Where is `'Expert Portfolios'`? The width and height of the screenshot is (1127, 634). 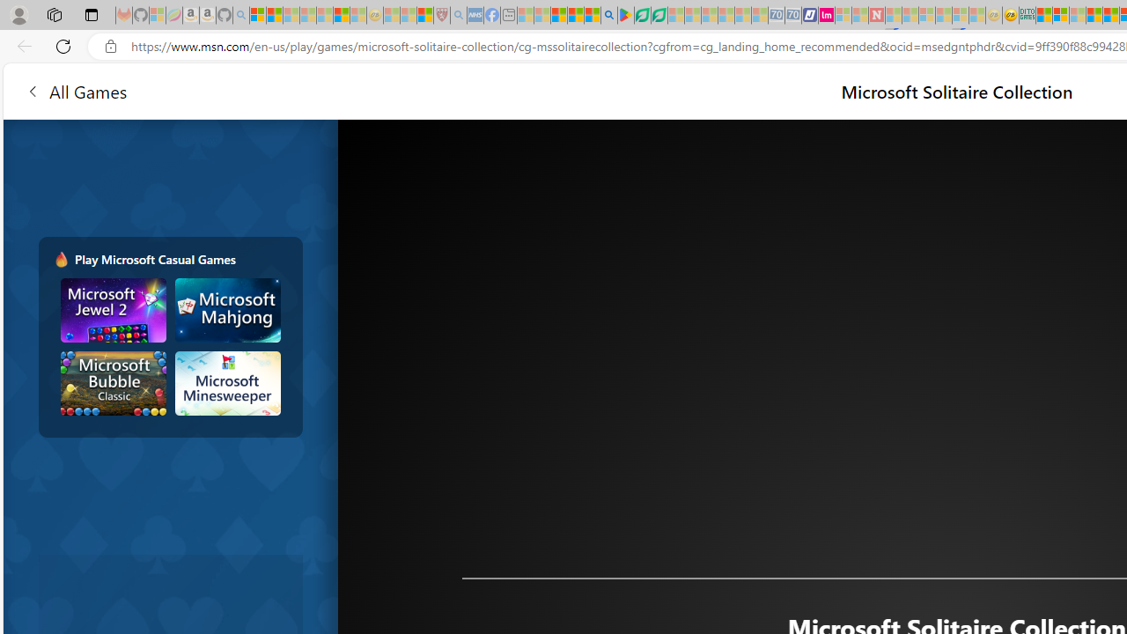
'Expert Portfolios' is located at coordinates (1093, 15).